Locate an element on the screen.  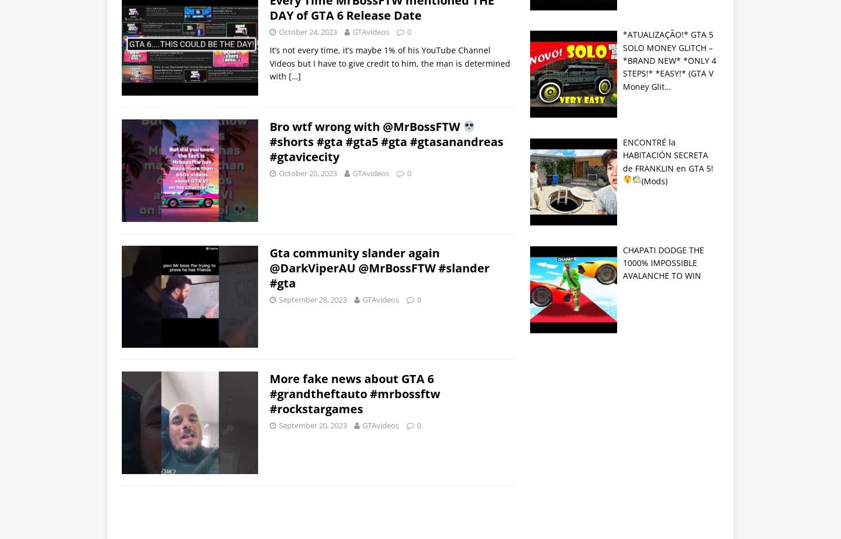
'September 20, 2023' is located at coordinates (313, 425).